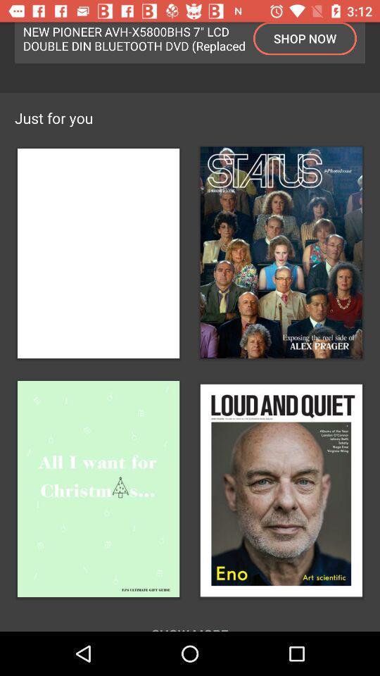 The width and height of the screenshot is (380, 676). Describe the element at coordinates (304, 37) in the screenshot. I see `icon next to the new pioneer avh item` at that location.